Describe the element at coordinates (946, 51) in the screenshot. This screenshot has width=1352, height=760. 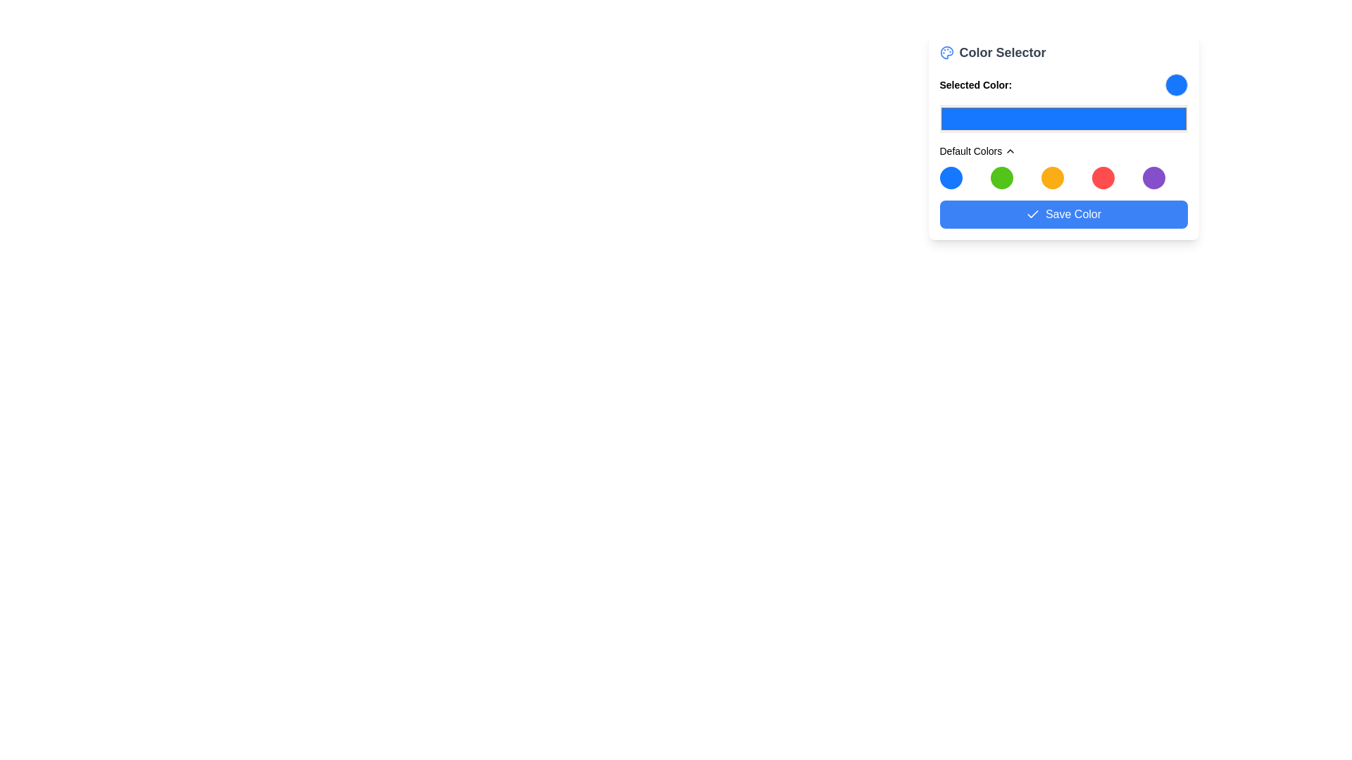
I see `the small, stylized blue palette icon located at the top-left corner of the 'Color Selector' section, next to the title text 'Color Selector'` at that location.